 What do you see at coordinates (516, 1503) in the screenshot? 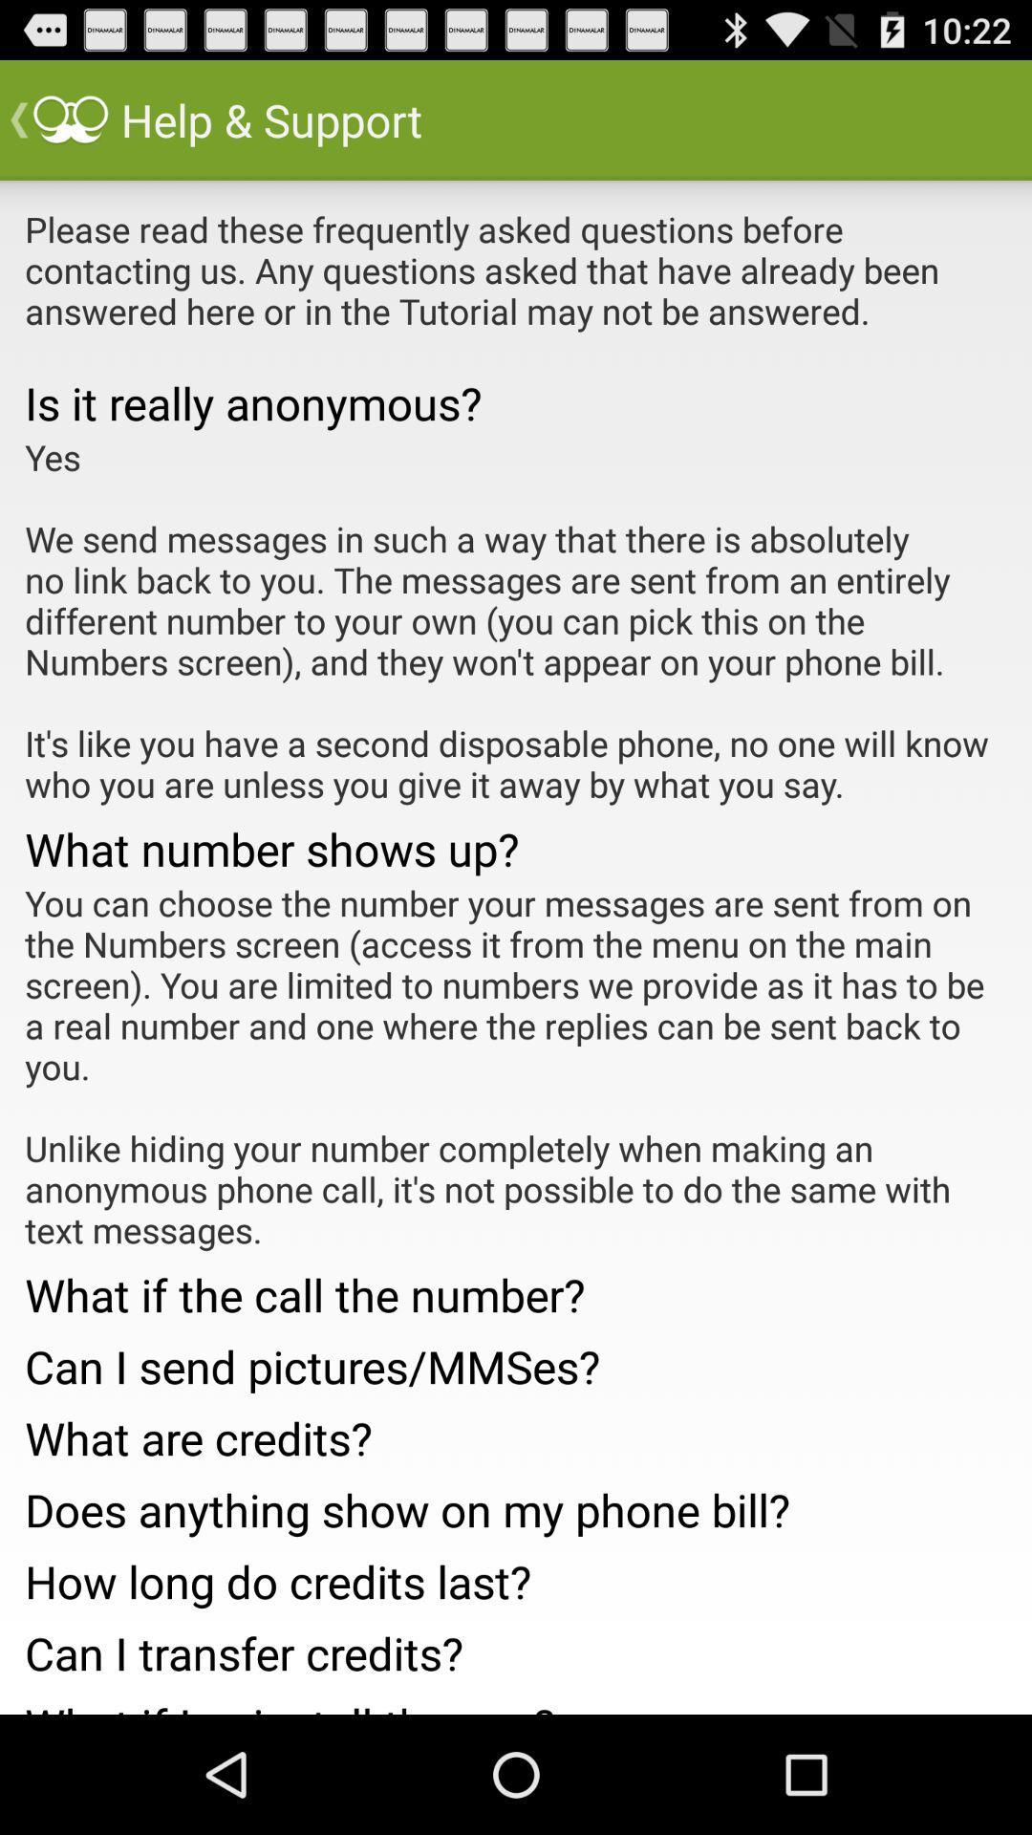
I see `the item above the how long do` at bounding box center [516, 1503].